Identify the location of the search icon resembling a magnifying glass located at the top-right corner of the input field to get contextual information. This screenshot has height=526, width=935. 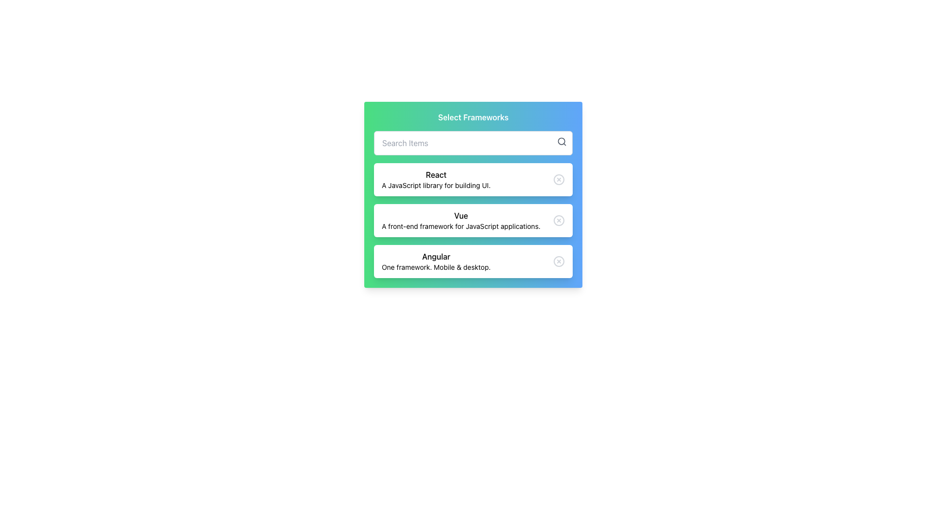
(561, 141).